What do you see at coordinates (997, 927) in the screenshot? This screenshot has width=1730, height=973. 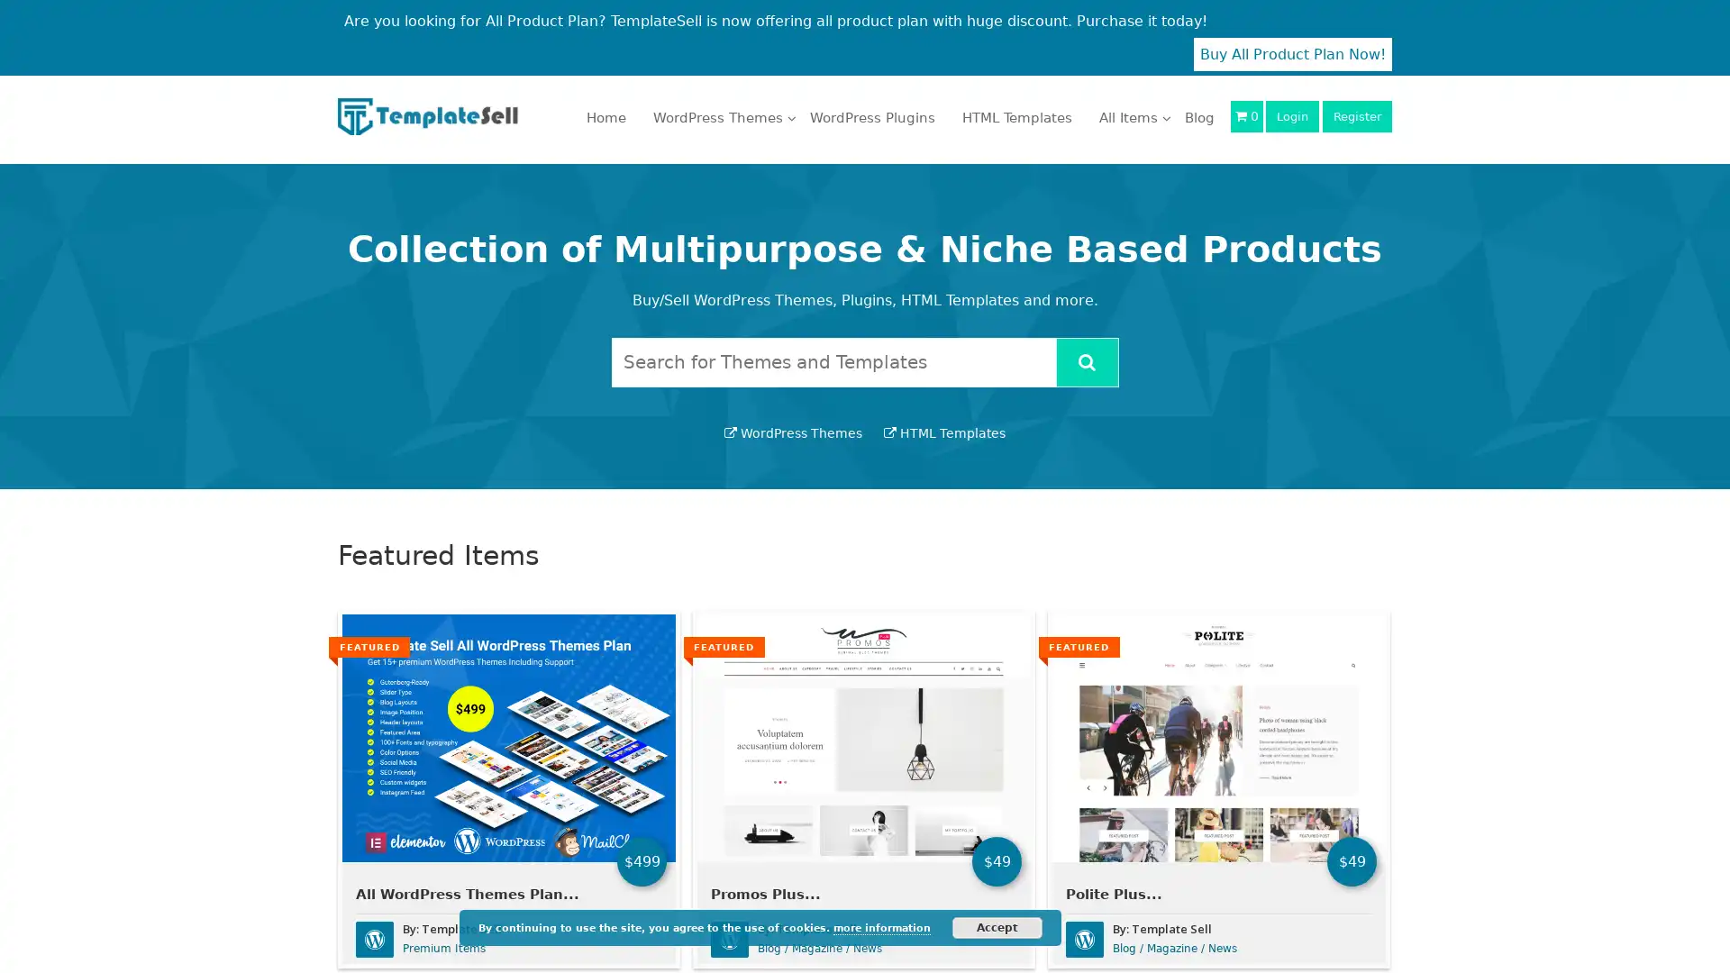 I see `Accept` at bounding box center [997, 927].